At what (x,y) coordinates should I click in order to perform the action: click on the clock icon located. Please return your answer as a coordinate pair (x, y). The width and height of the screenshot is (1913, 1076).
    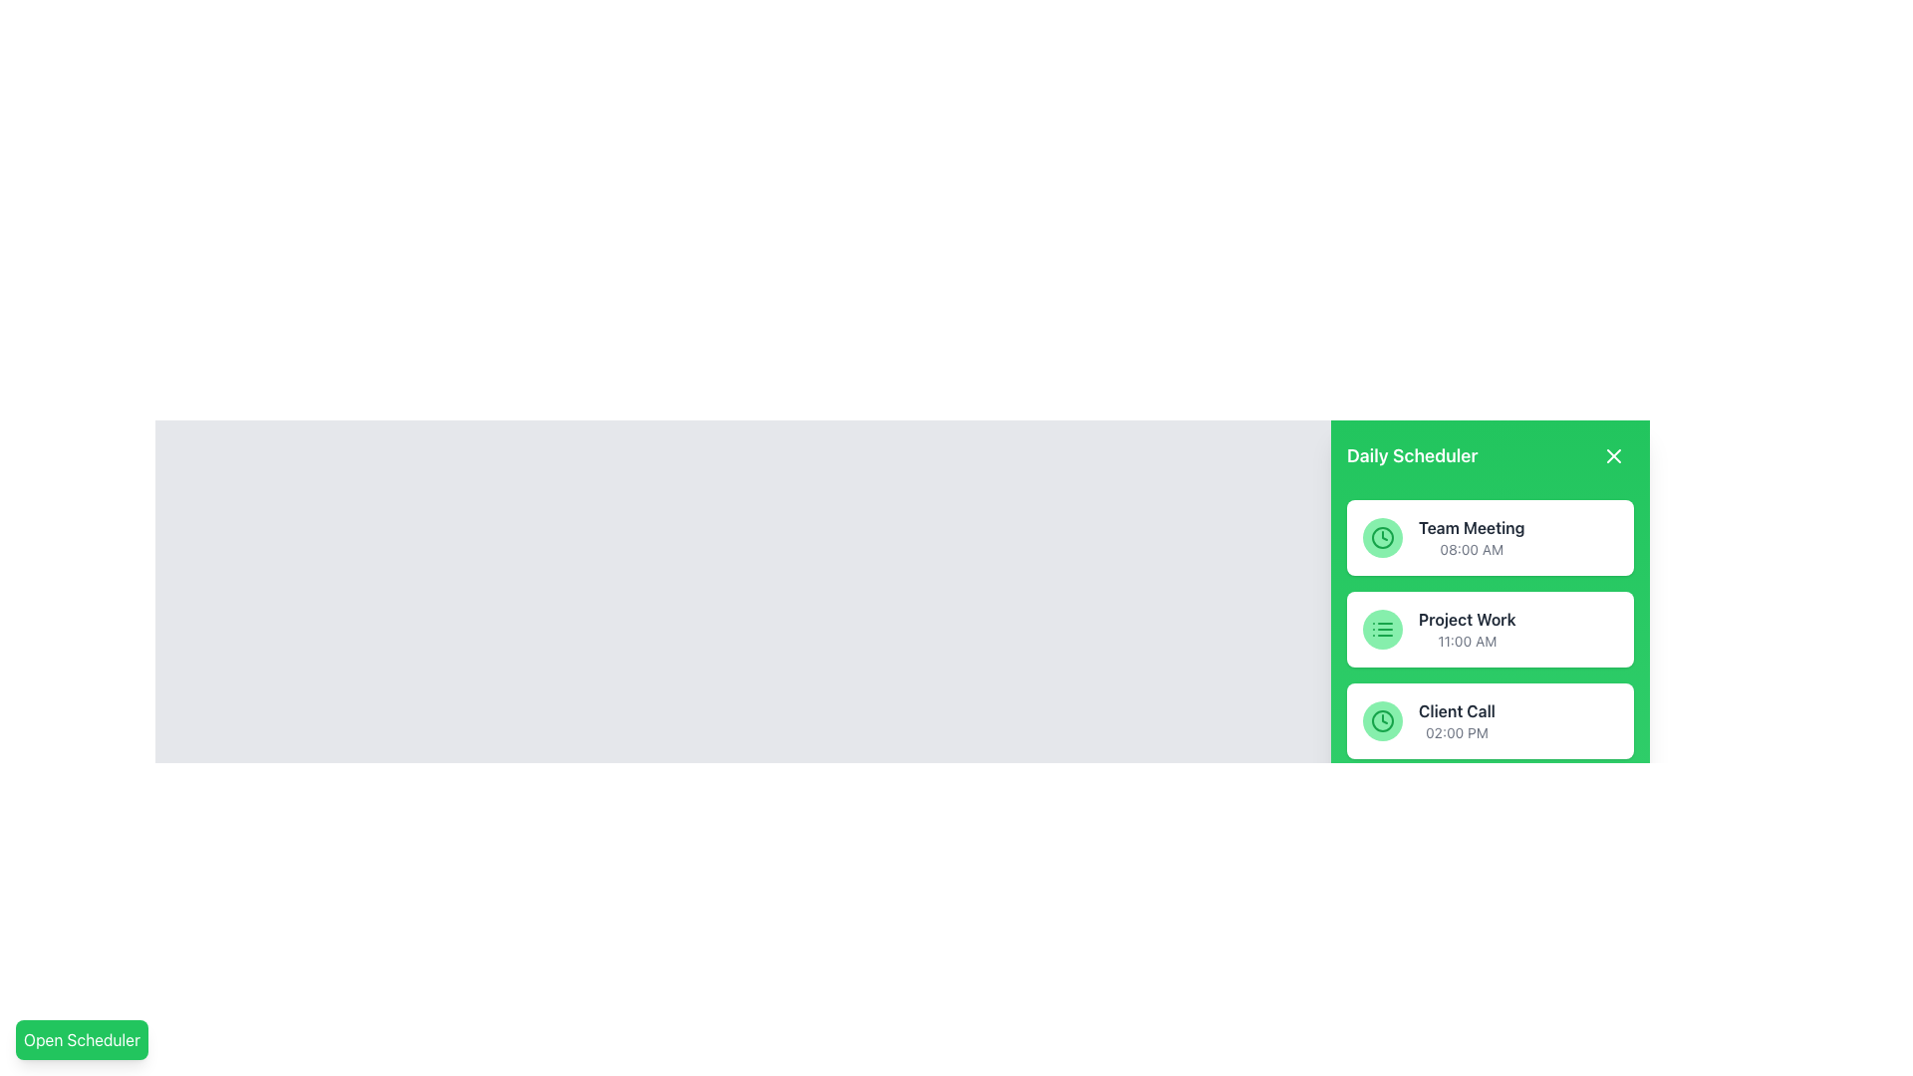
    Looking at the image, I should click on (1381, 721).